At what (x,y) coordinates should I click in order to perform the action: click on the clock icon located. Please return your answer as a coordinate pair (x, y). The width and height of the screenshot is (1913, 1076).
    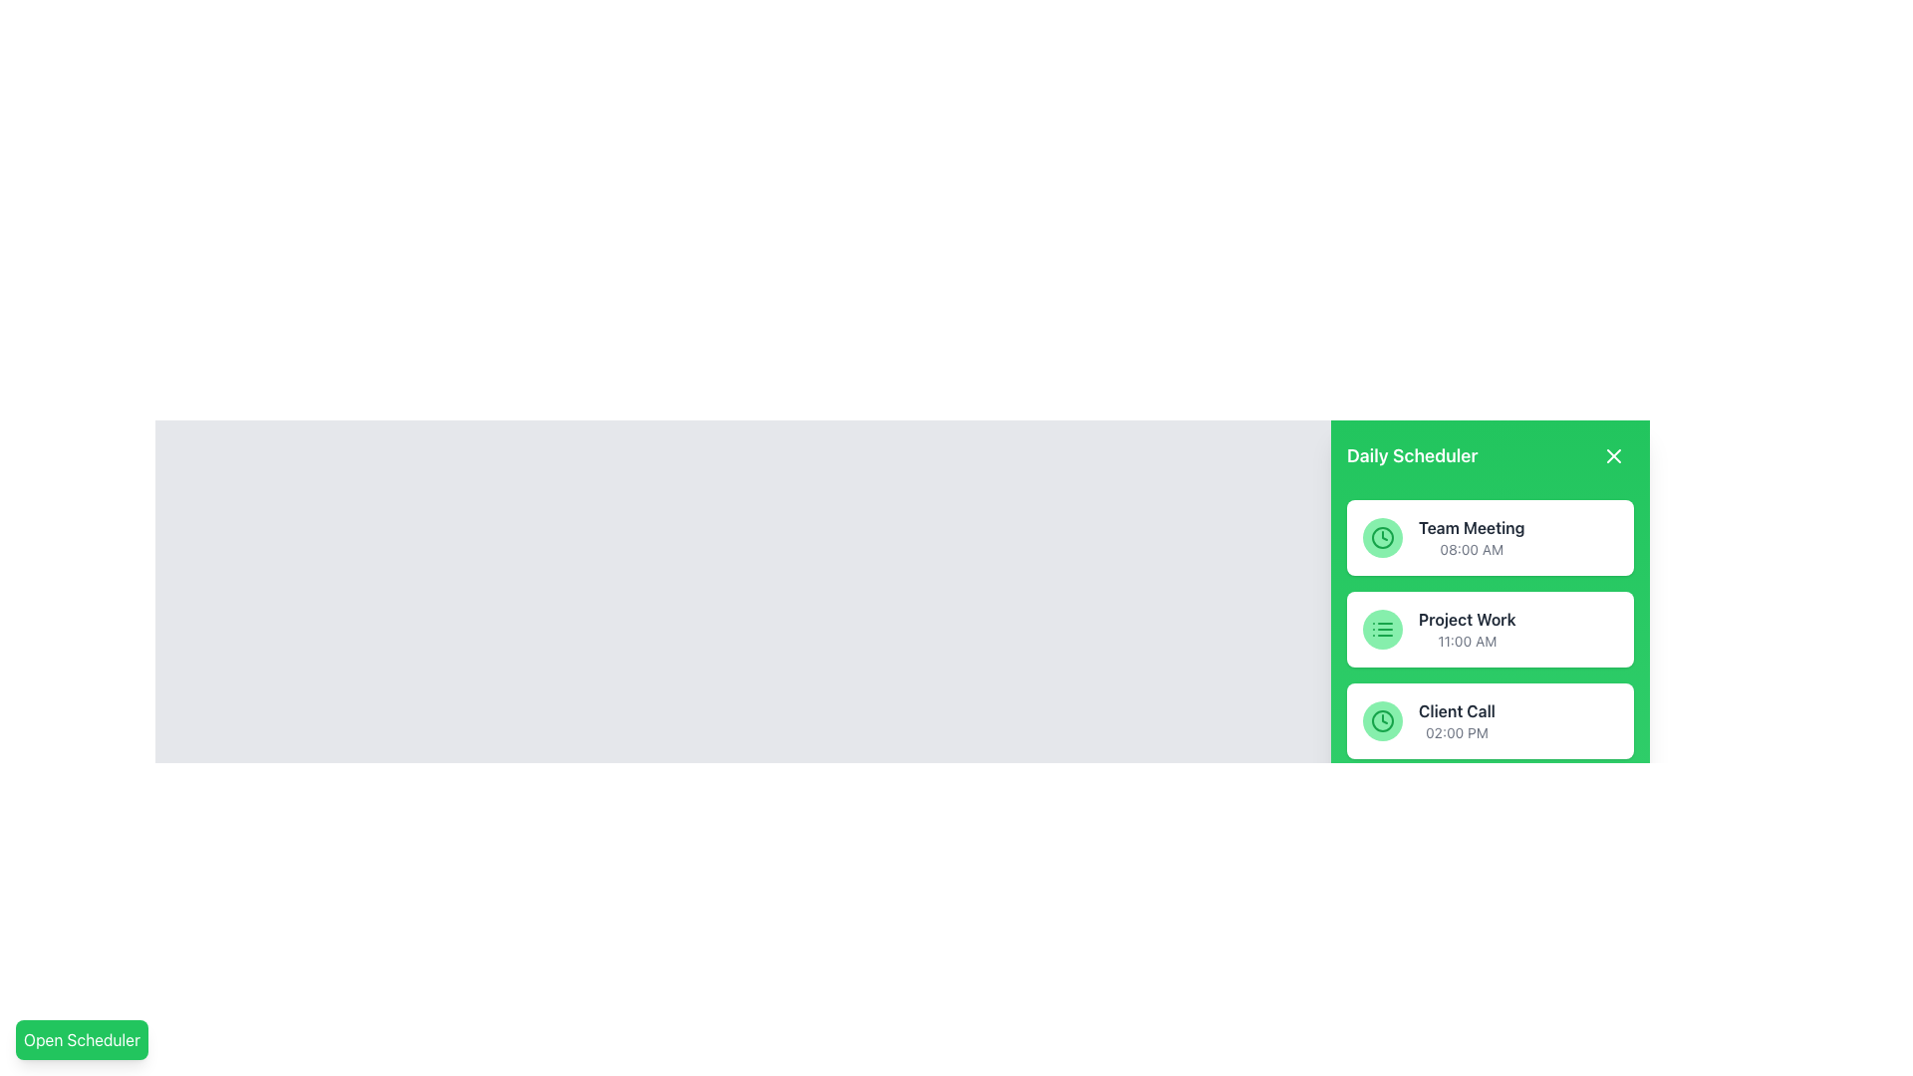
    Looking at the image, I should click on (1381, 721).